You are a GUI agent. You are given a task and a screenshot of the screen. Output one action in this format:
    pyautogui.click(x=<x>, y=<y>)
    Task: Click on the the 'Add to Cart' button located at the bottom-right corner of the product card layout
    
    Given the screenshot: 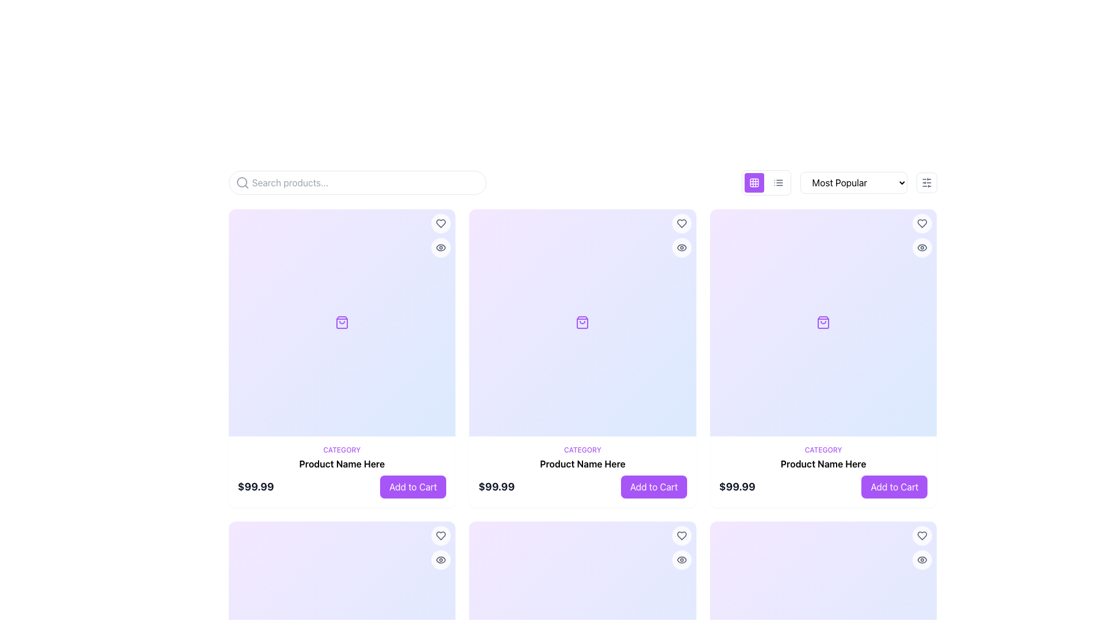 What is the action you would take?
    pyautogui.click(x=894, y=486)
    